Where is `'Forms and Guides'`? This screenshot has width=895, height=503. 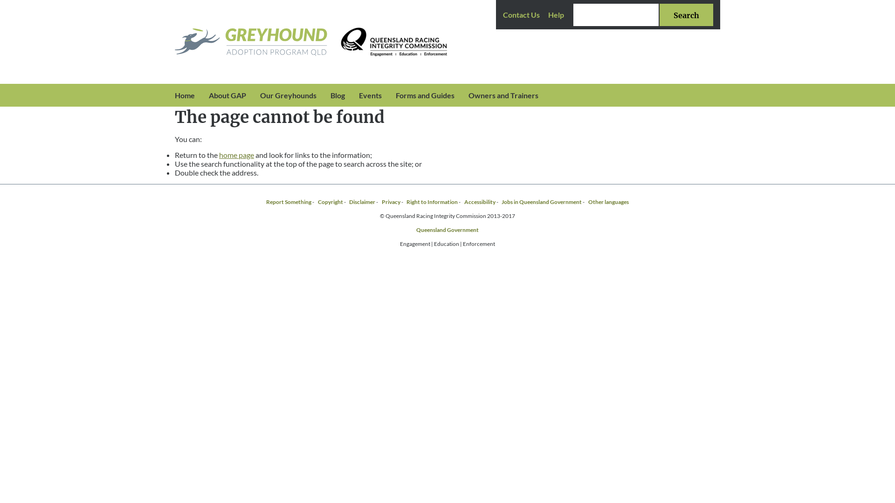
'Forms and Guides' is located at coordinates (389, 95).